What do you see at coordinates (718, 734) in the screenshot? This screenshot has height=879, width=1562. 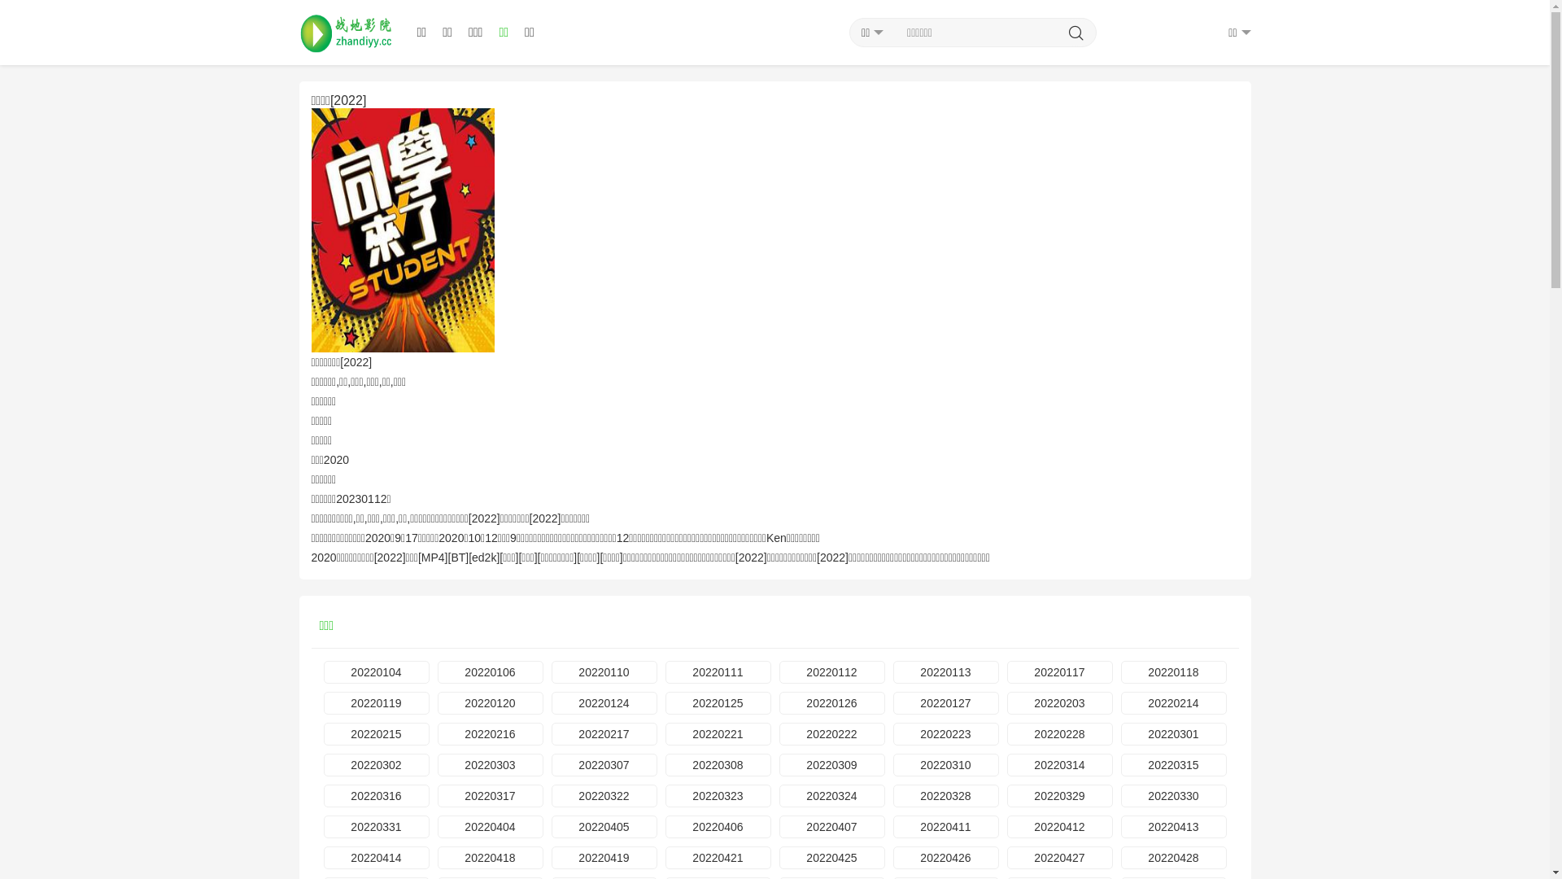 I see `'20220221'` at bounding box center [718, 734].